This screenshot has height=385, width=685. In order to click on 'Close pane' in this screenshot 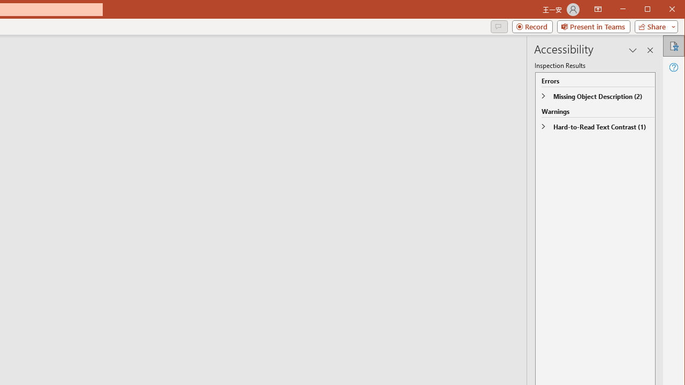, I will do `click(650, 50)`.